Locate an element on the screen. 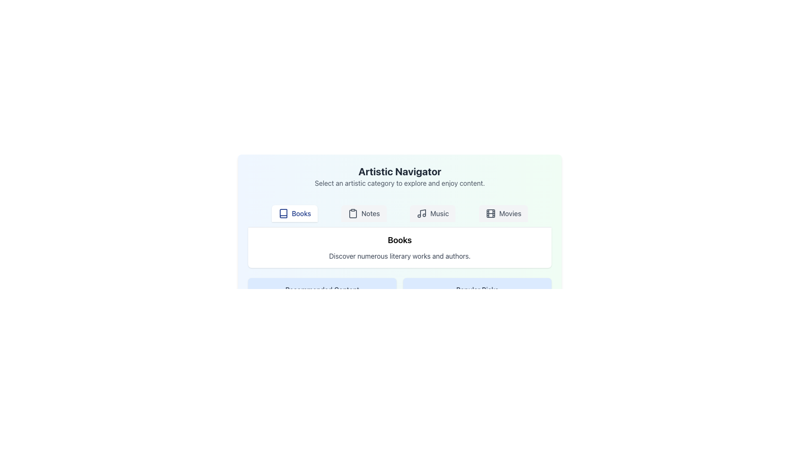  the topmost decorative rectangle on the left vertical edge of the filmstrip icon is located at coordinates (490, 213).